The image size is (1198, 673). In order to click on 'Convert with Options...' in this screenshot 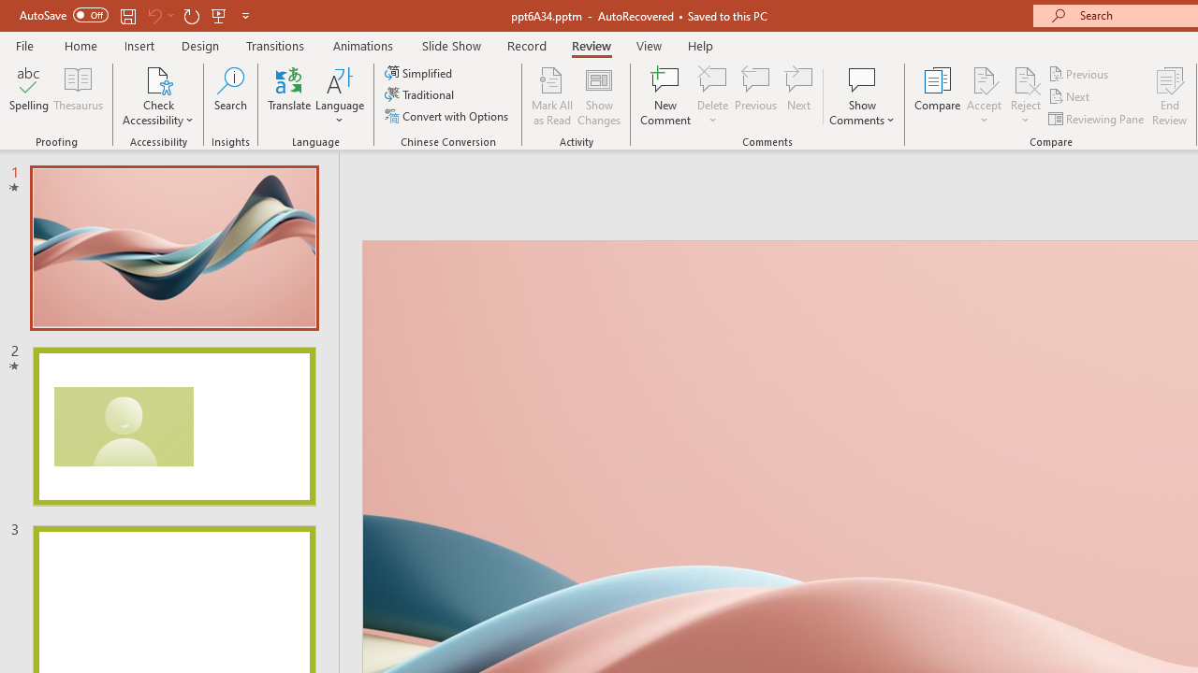, I will do `click(447, 116)`.